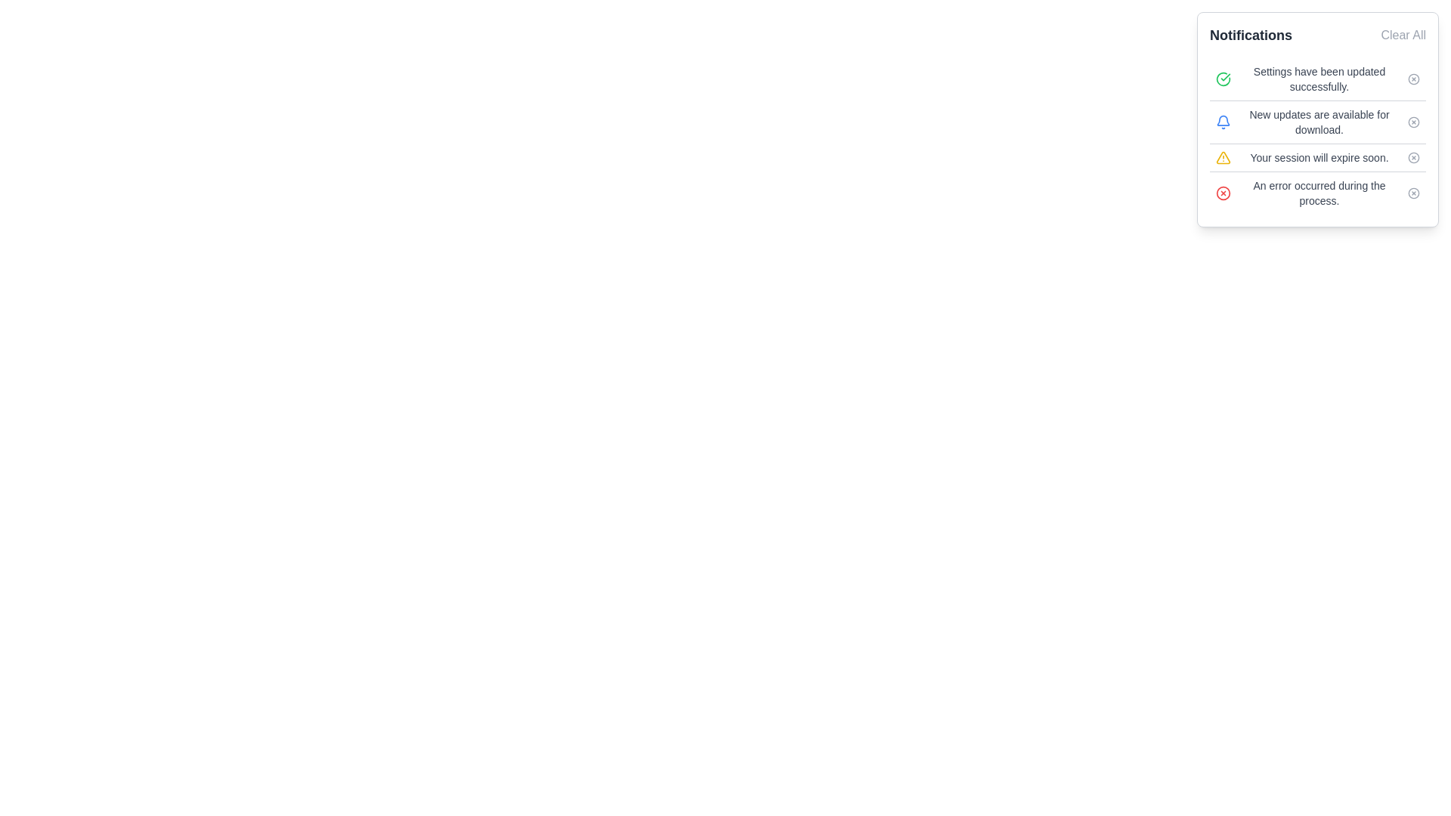 The image size is (1451, 816). Describe the element at coordinates (1319, 157) in the screenshot. I see `warning message displayed in the Text Label located within the notification panel on the right side of the interface, which indicates that the user's session is about to expire` at that location.